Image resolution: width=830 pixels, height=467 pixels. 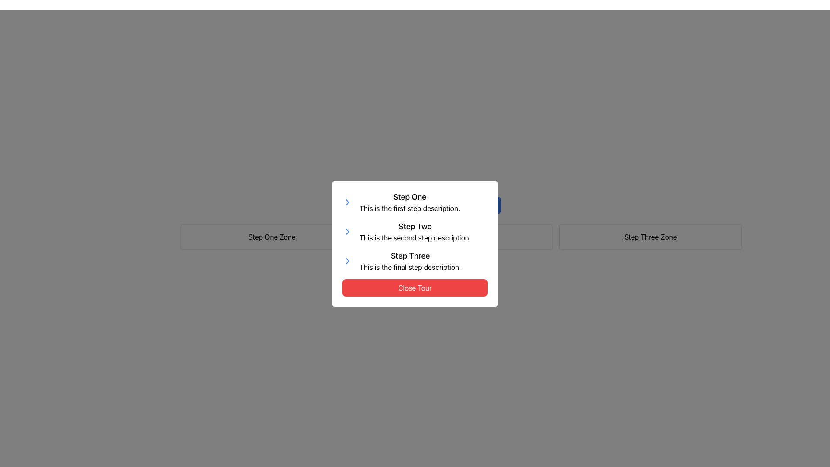 I want to click on the visual cue icon for 'Step Three' located at the far left of the row, so click(x=348, y=261).